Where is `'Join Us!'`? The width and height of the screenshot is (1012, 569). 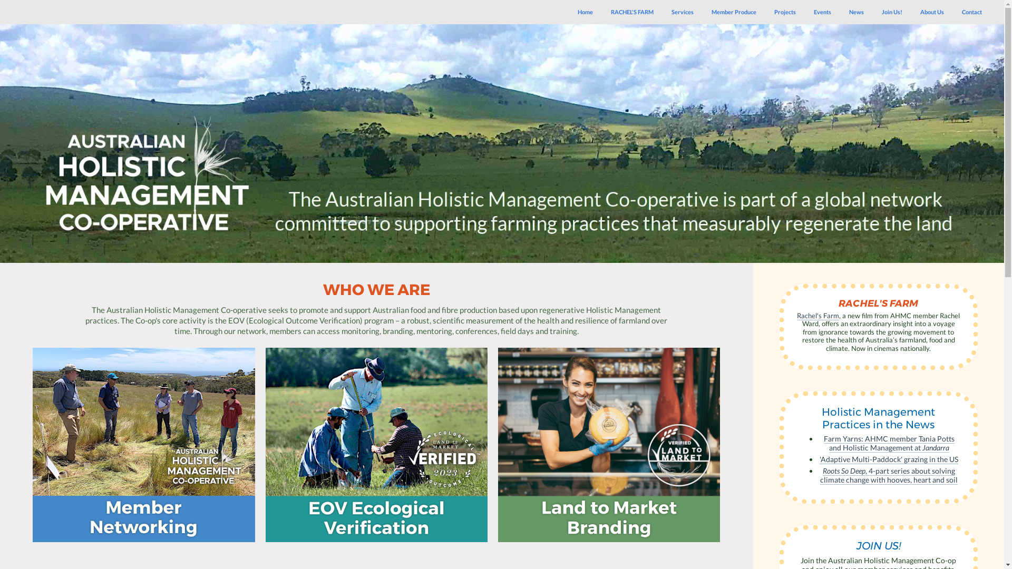 'Join Us!' is located at coordinates (891, 12).